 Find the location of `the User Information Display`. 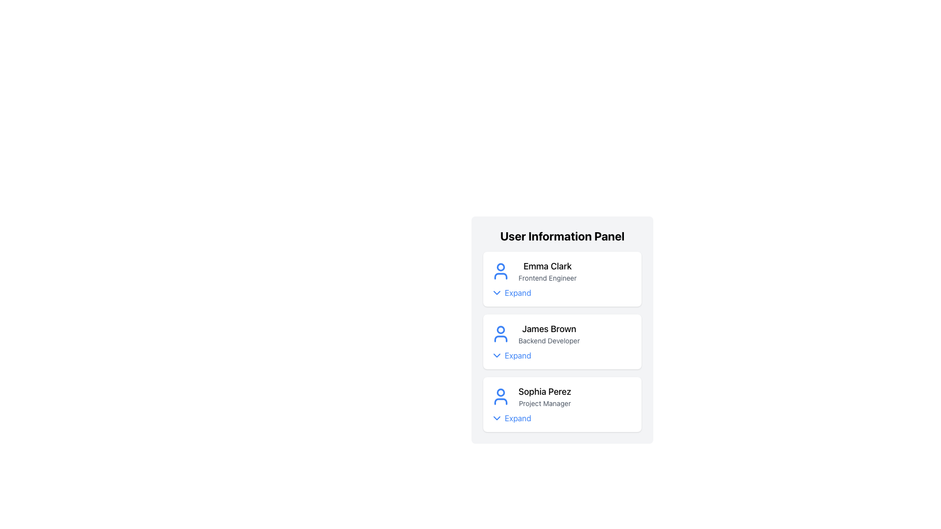

the User Information Display is located at coordinates (562, 334).